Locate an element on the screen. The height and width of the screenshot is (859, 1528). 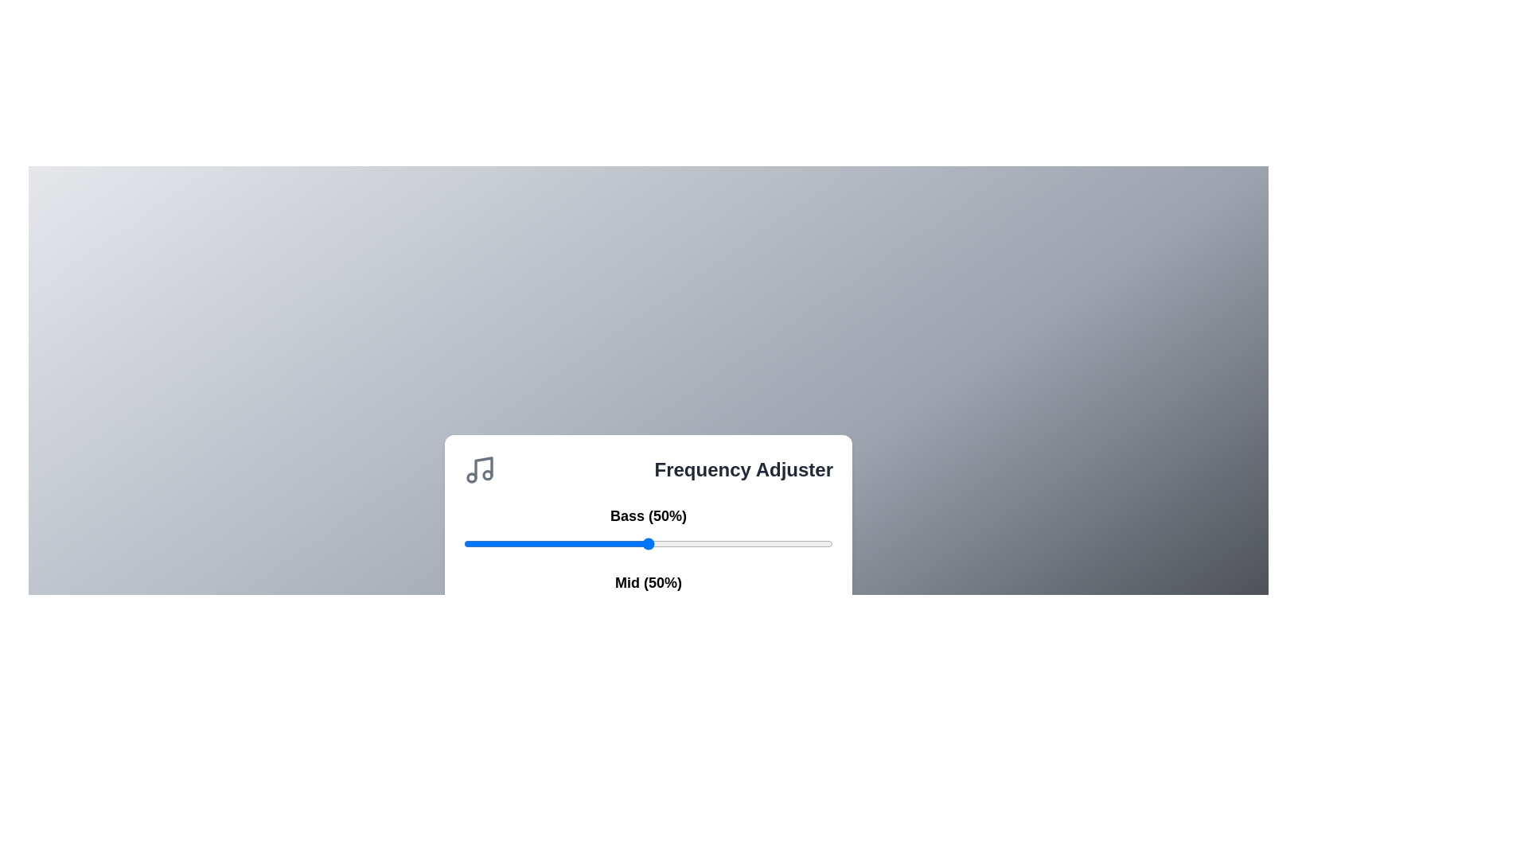
the 0 slider to 33% is located at coordinates (770, 542).